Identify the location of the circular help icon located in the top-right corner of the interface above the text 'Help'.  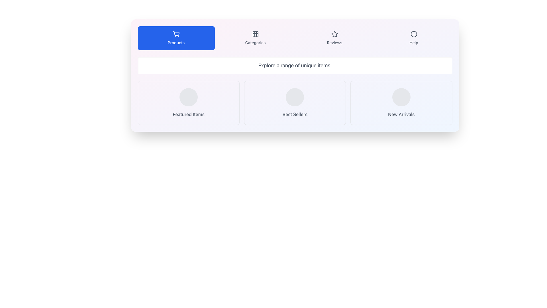
(414, 34).